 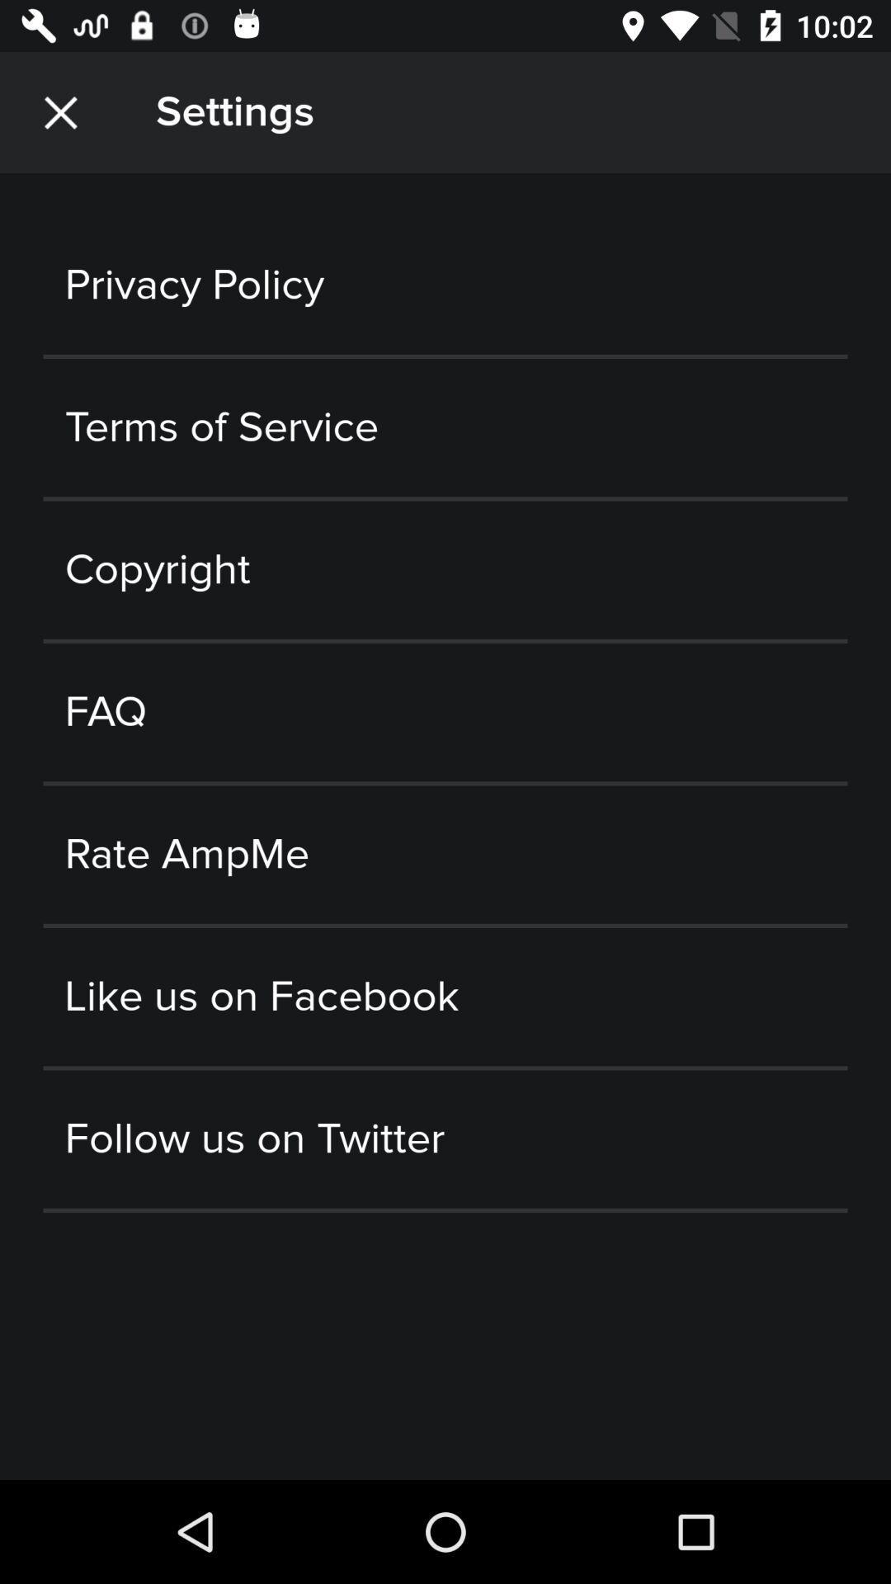 I want to click on privacy policy icon, so click(x=445, y=285).